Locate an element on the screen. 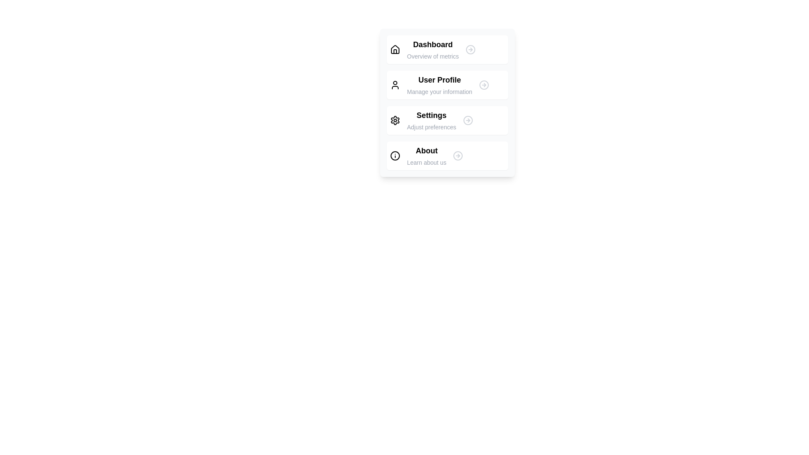  the informational text label located beneath the 'About' title in the 'About' section is located at coordinates (426, 162).